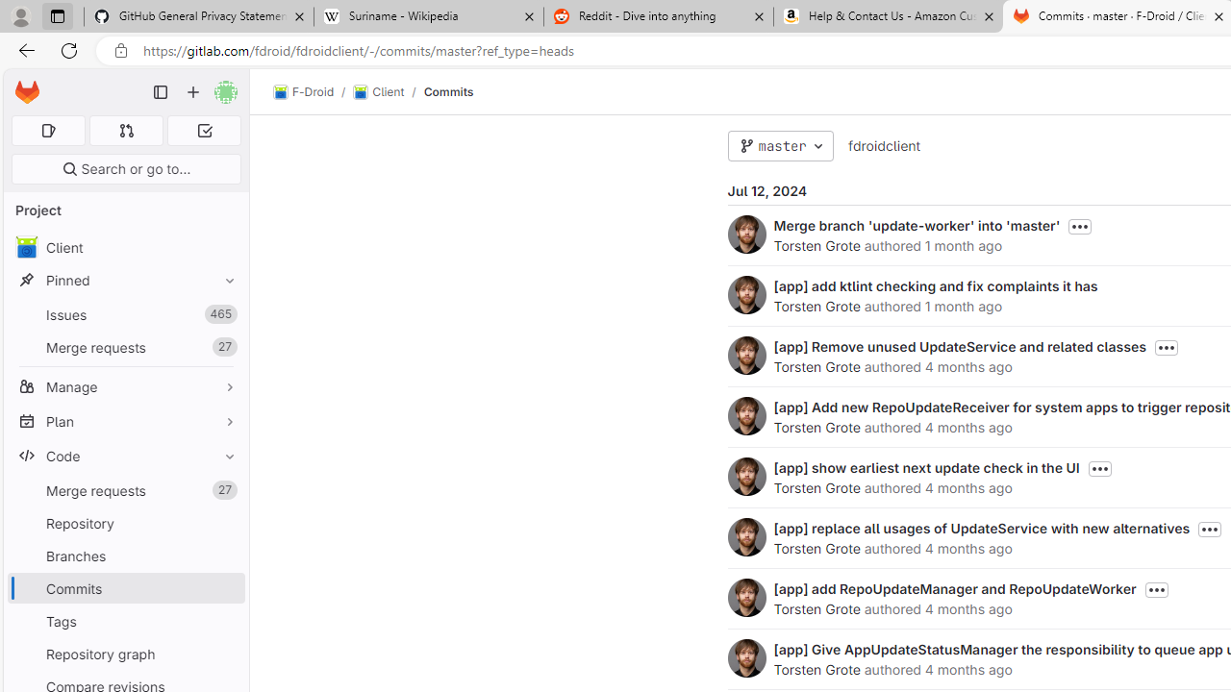 This screenshot has height=692, width=1231. I want to click on 'Issues465', so click(125, 313).